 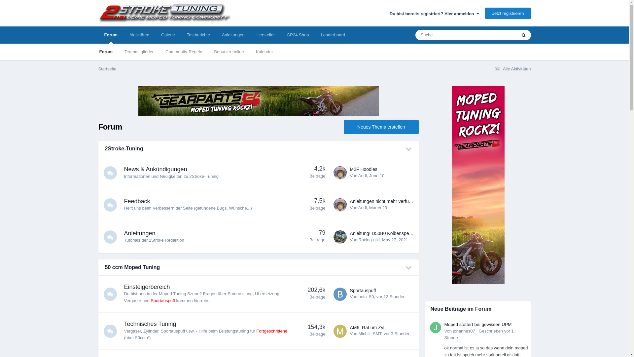 What do you see at coordinates (106, 52) in the screenshot?
I see `'Forum'` at bounding box center [106, 52].